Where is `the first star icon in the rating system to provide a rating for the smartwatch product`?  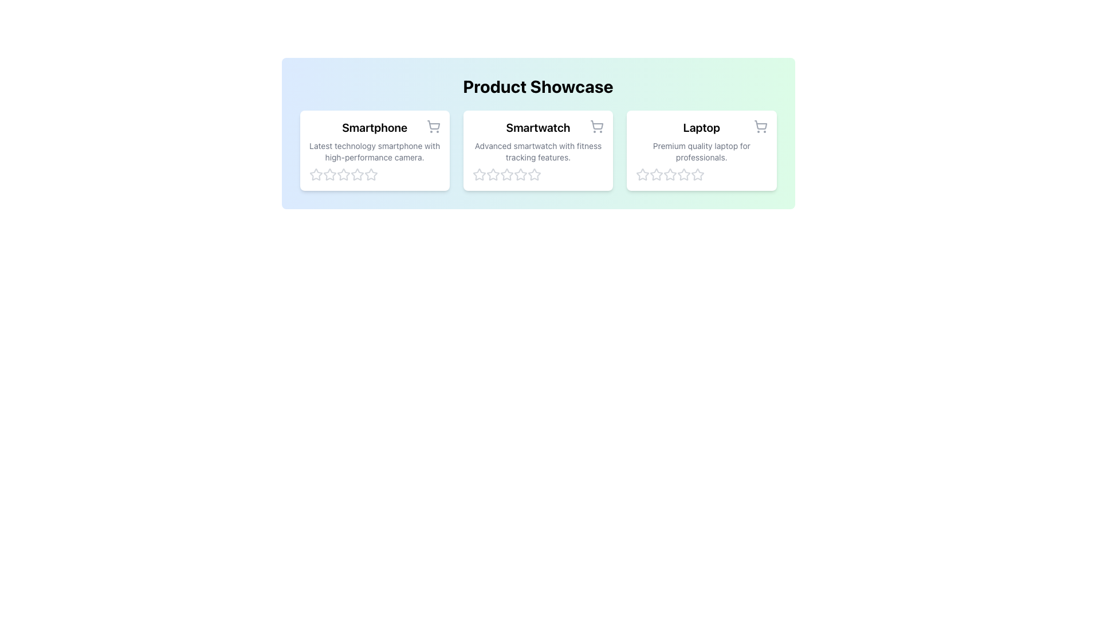 the first star icon in the rating system to provide a rating for the smartwatch product is located at coordinates (493, 174).